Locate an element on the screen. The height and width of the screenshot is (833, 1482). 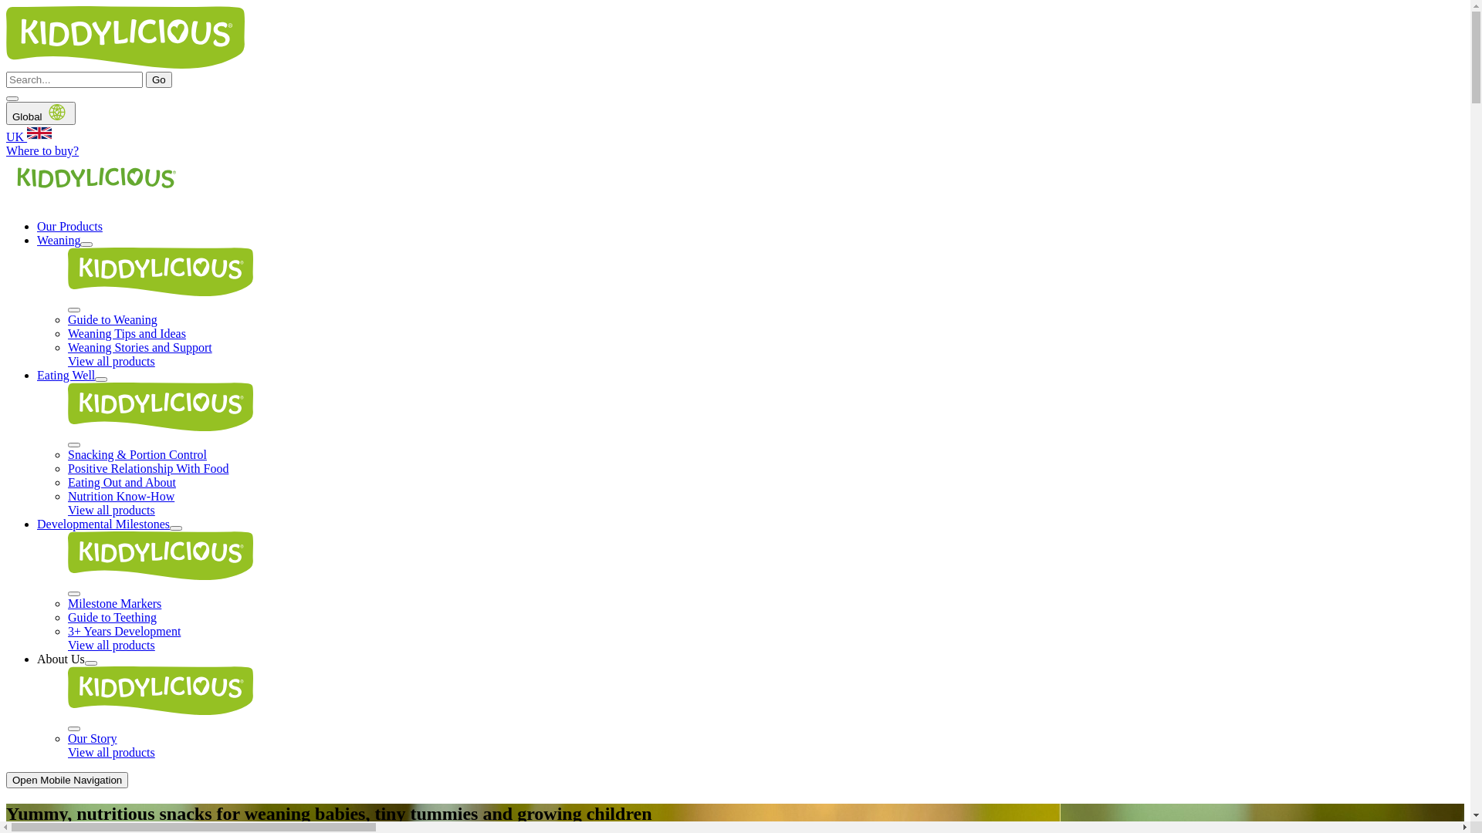
'View all products' is located at coordinates (66, 645).